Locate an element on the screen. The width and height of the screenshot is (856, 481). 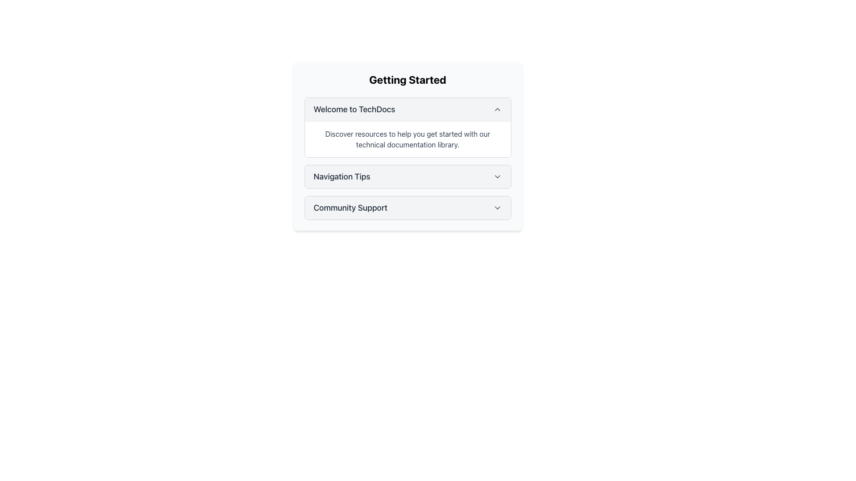
the Collapsible panel titled 'Welcome to TechDocs' is located at coordinates (407, 127).